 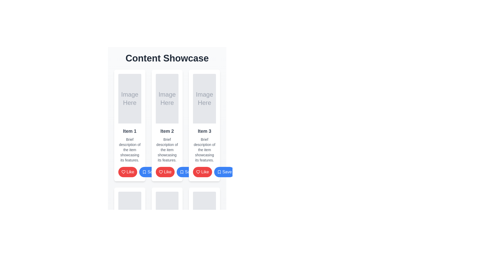 What do you see at coordinates (204, 98) in the screenshot?
I see `the image placeholder located at the top of the card labeled 'Item 3' within the 'Content Showcase' section` at bounding box center [204, 98].